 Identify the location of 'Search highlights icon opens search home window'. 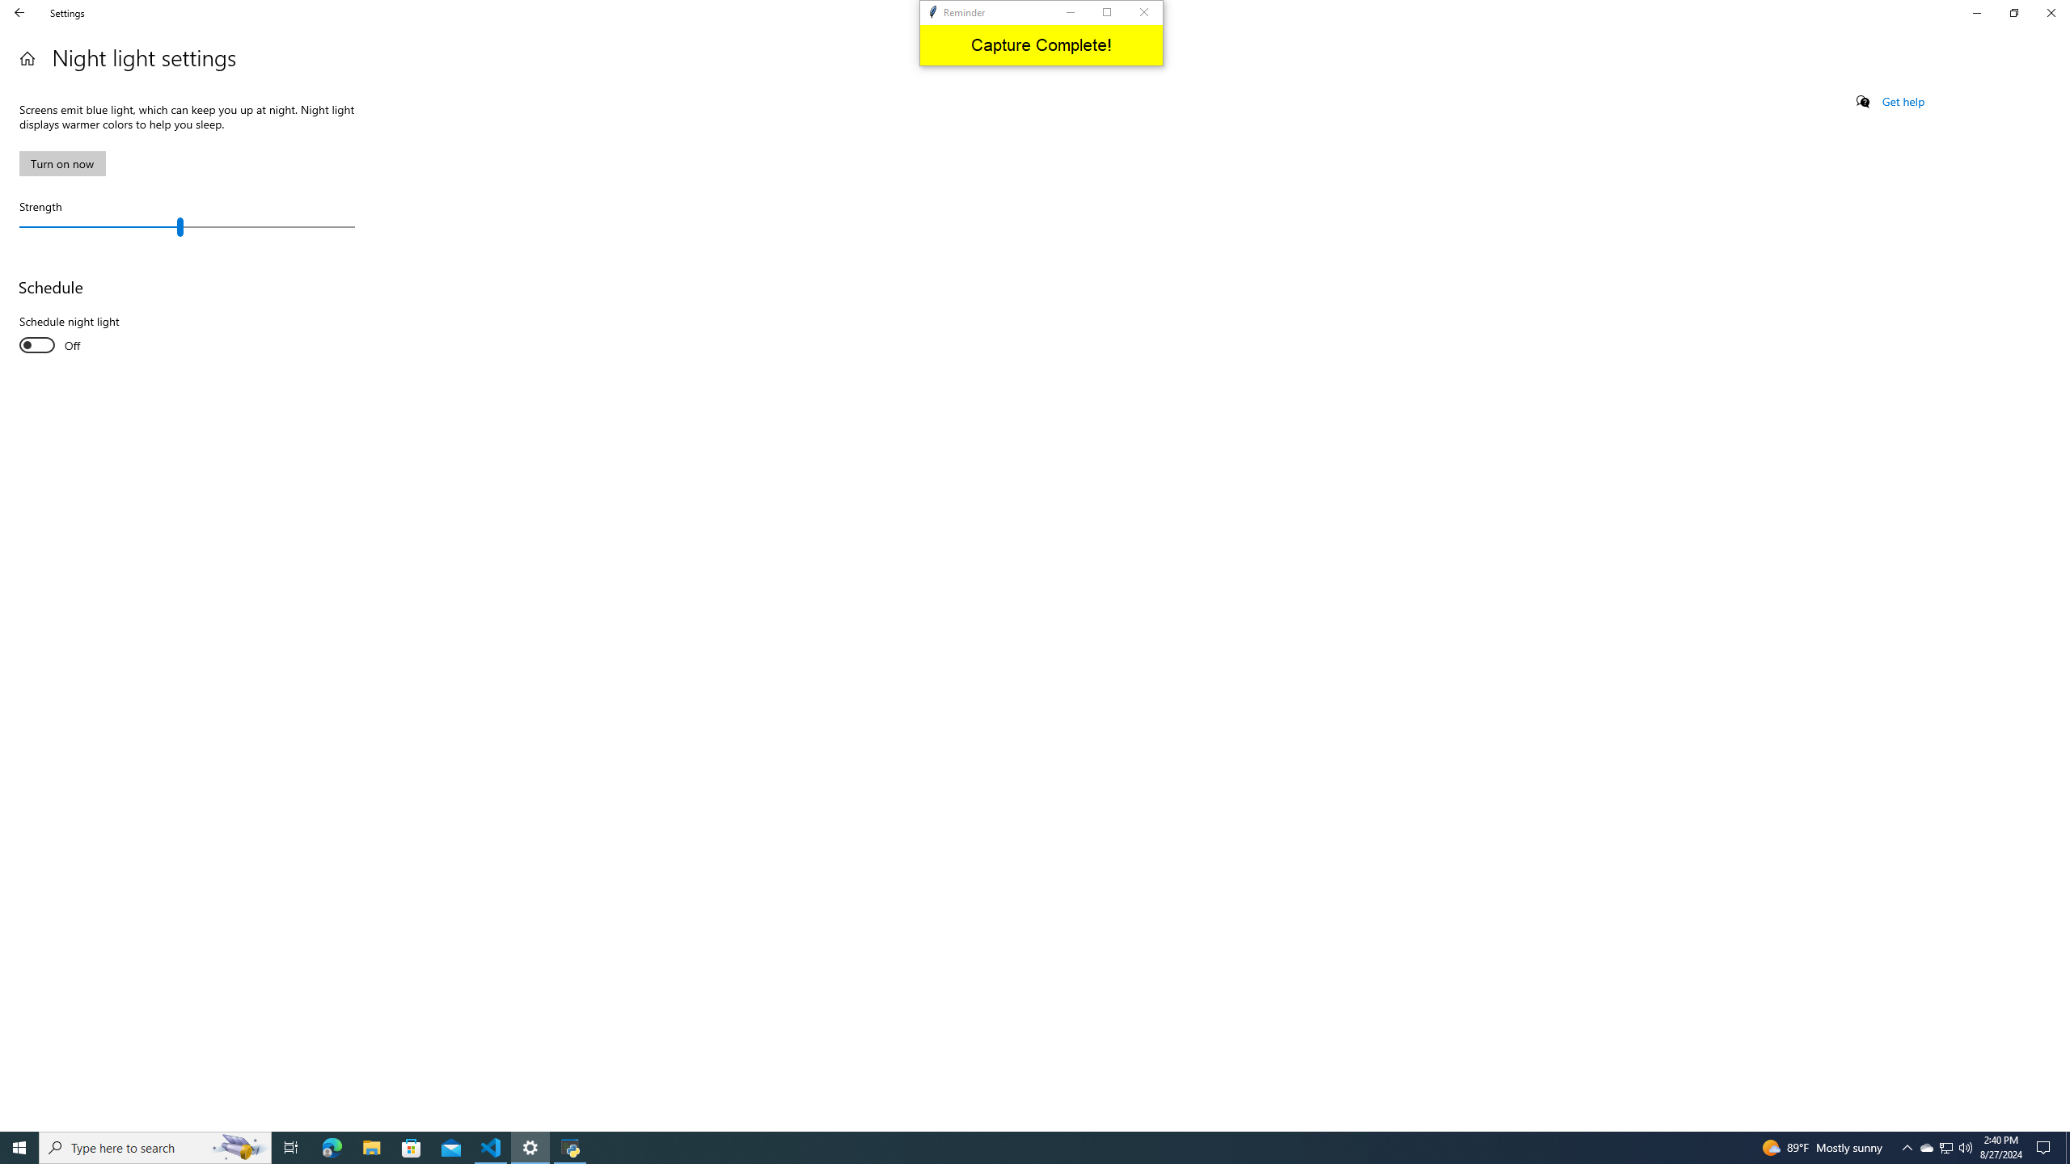
(238, 1146).